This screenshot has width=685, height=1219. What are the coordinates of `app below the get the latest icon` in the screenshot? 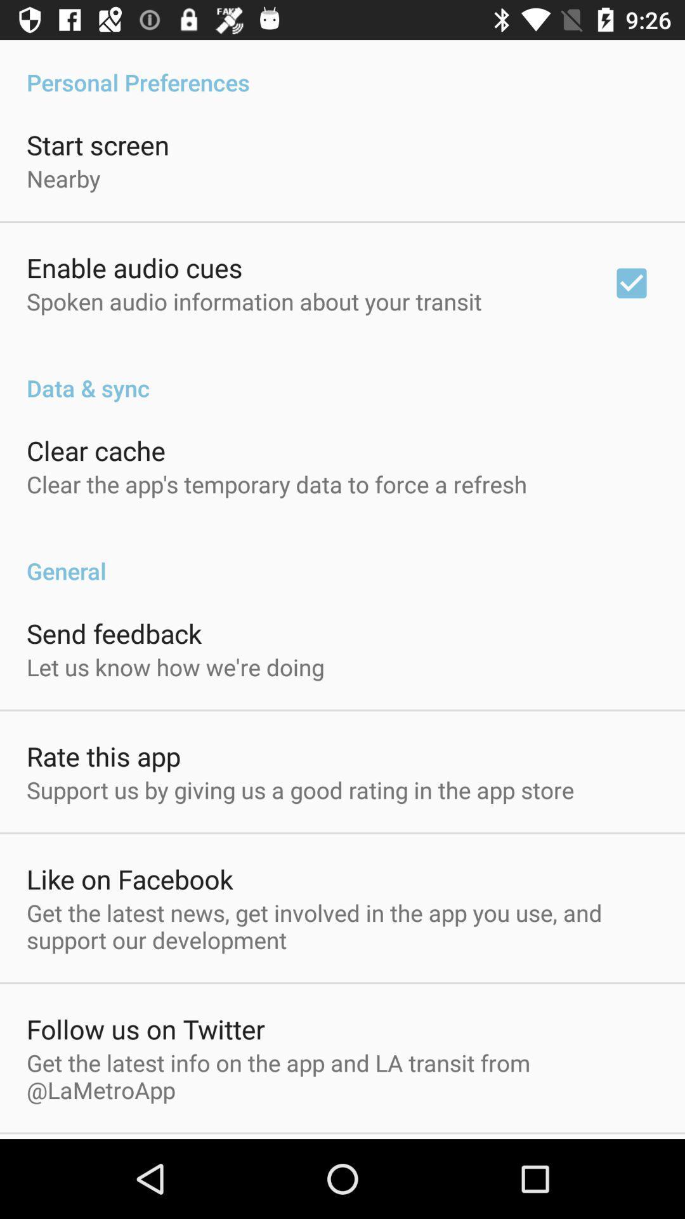 It's located at (145, 1029).